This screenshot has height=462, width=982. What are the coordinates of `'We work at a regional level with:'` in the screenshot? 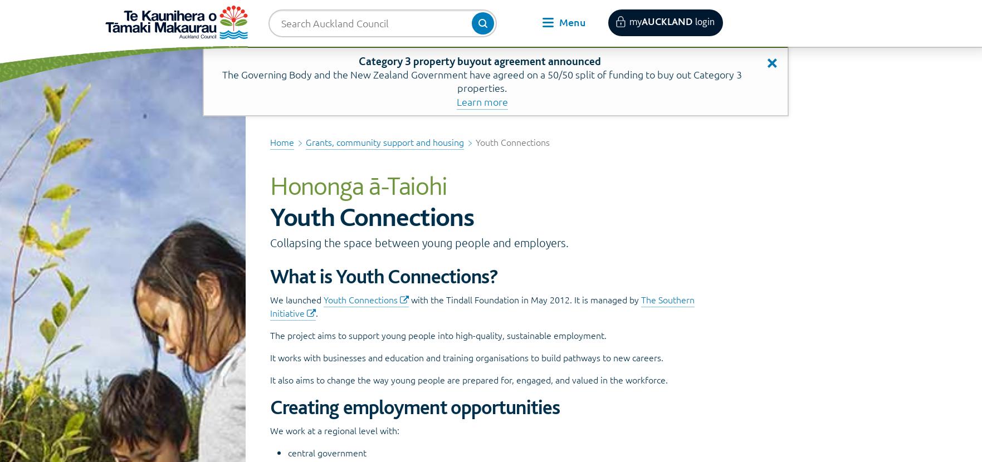 It's located at (334, 430).